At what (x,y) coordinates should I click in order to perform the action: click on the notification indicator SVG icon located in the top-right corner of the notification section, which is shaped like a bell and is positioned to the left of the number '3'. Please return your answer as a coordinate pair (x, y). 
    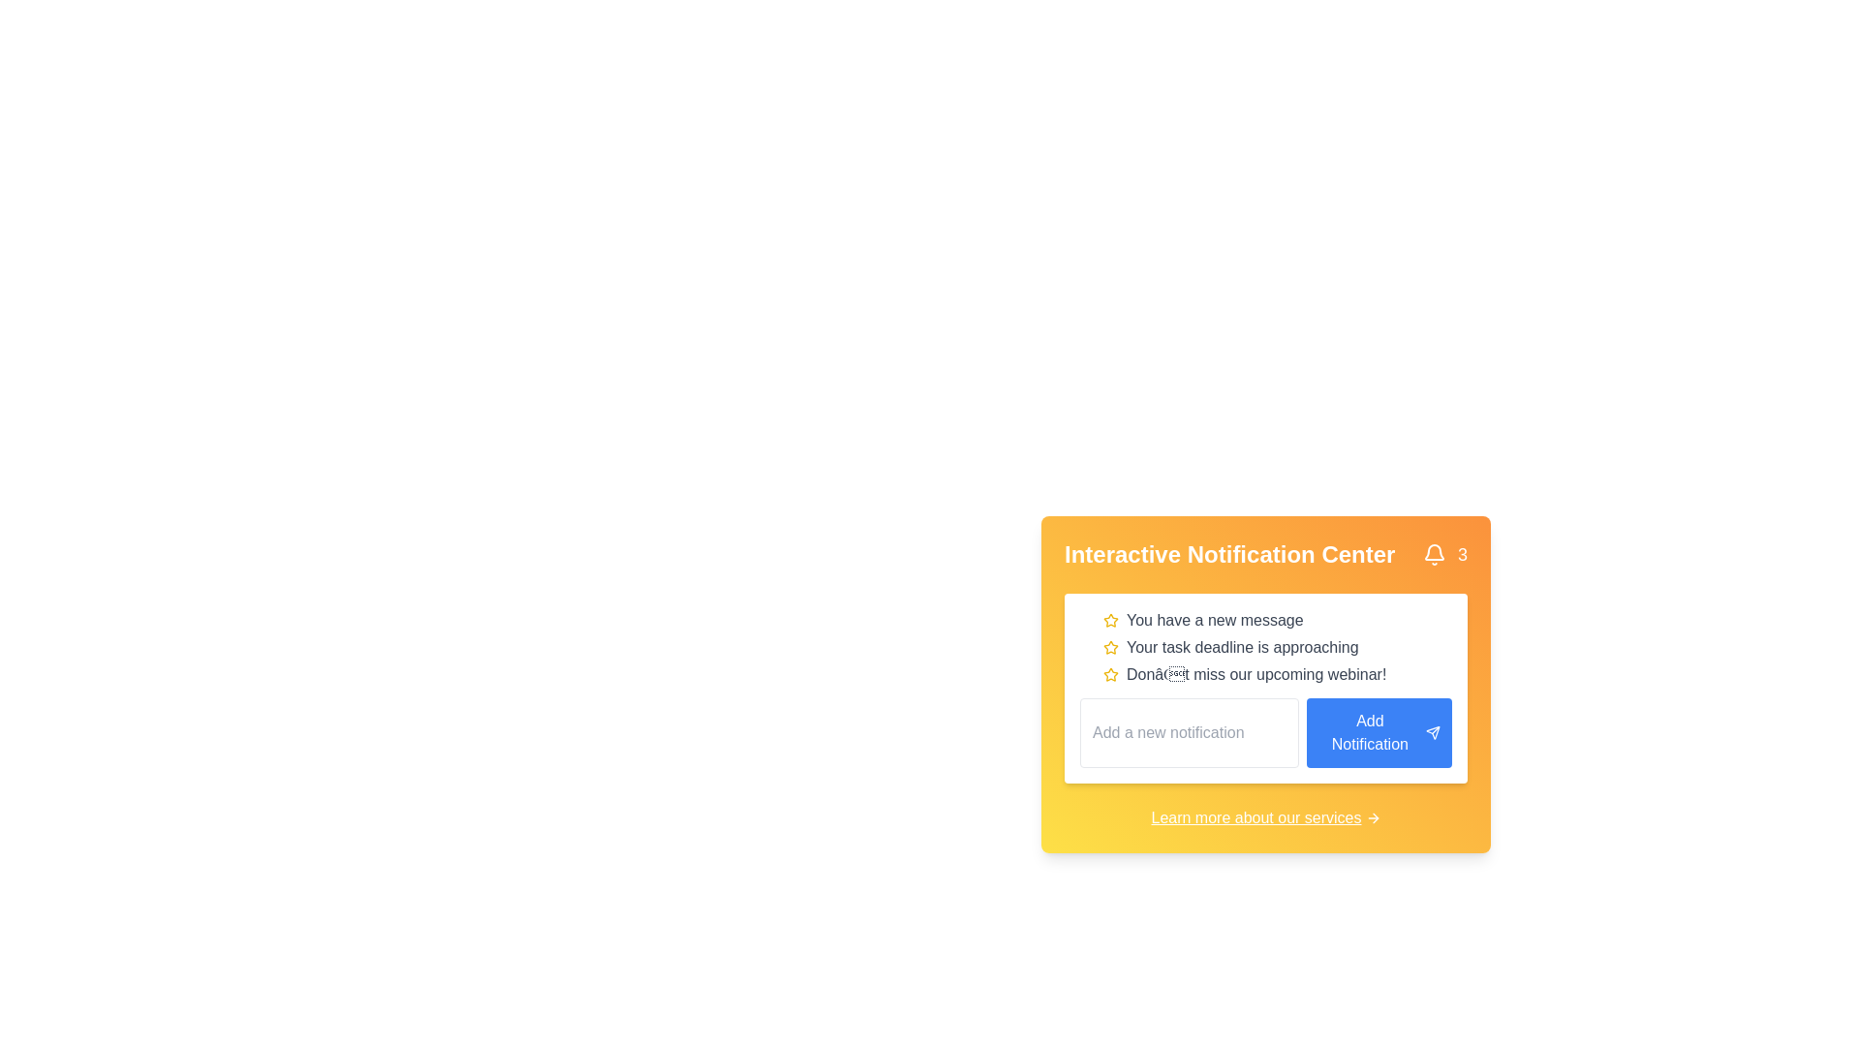
    Looking at the image, I should click on (1434, 555).